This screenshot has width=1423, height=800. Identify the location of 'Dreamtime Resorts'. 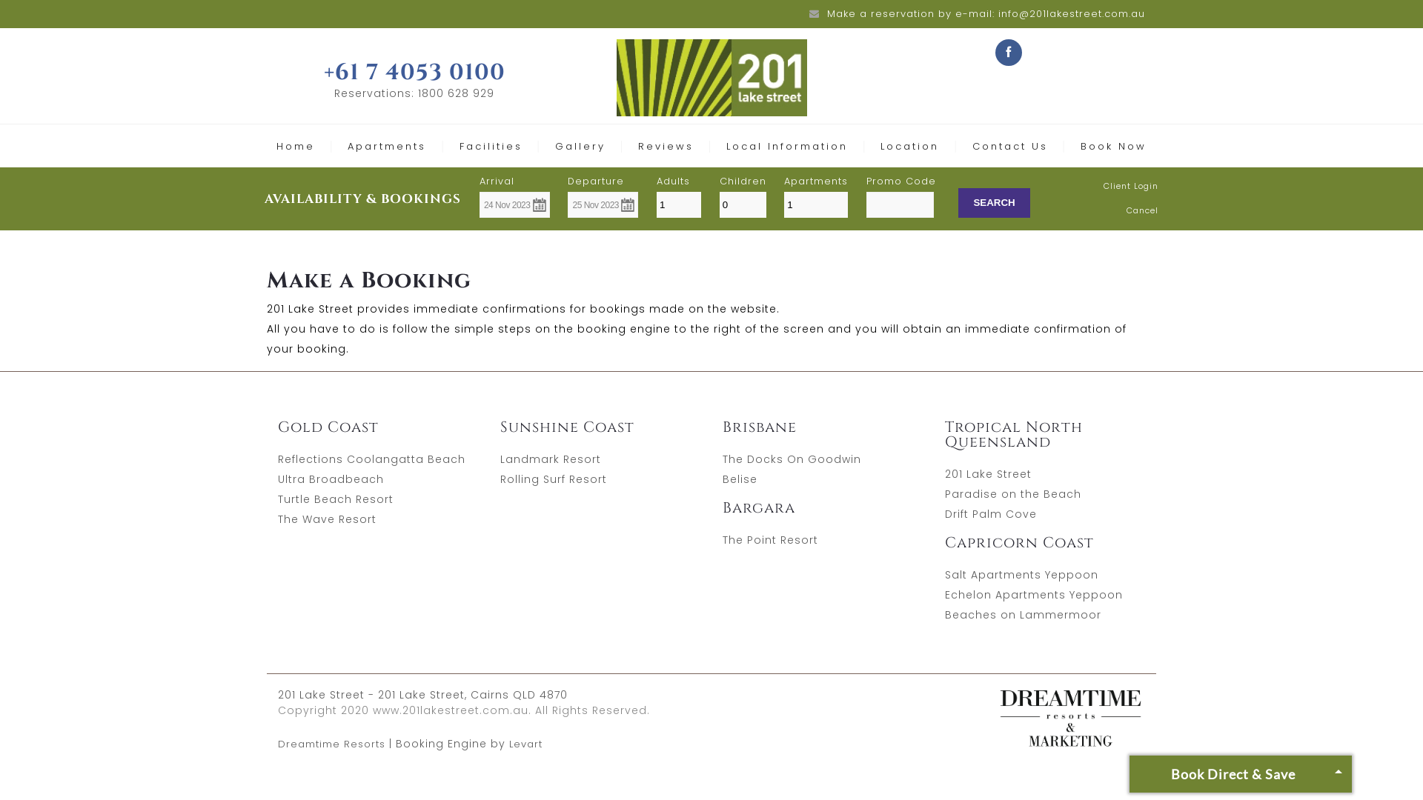
(277, 744).